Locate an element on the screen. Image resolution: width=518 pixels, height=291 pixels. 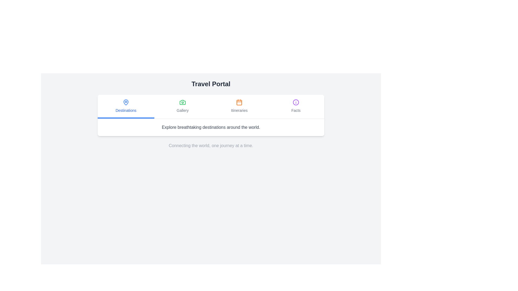
the green camera icon located above the 'Gallery' label is located at coordinates (182, 102).